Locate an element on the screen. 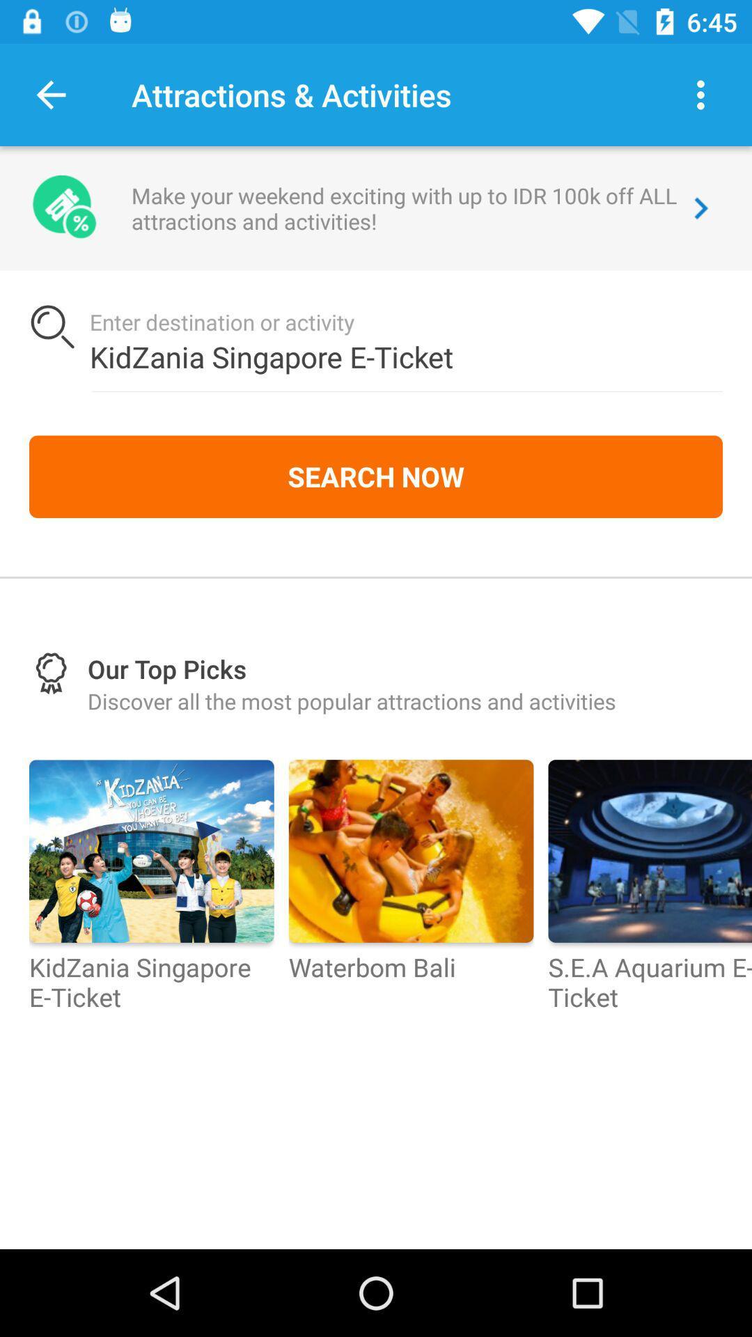 The image size is (752, 1337). go back is located at coordinates (50, 94).